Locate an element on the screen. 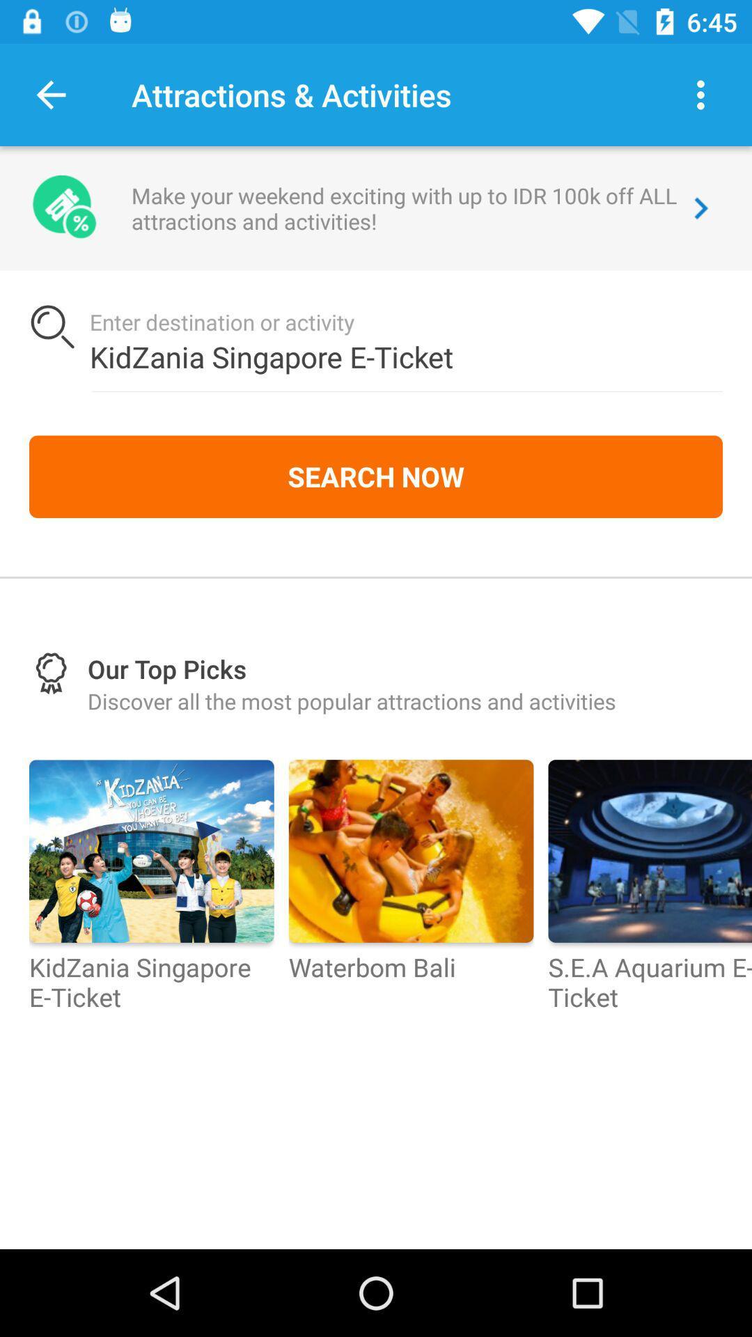 The image size is (752, 1337). go back is located at coordinates (50, 94).